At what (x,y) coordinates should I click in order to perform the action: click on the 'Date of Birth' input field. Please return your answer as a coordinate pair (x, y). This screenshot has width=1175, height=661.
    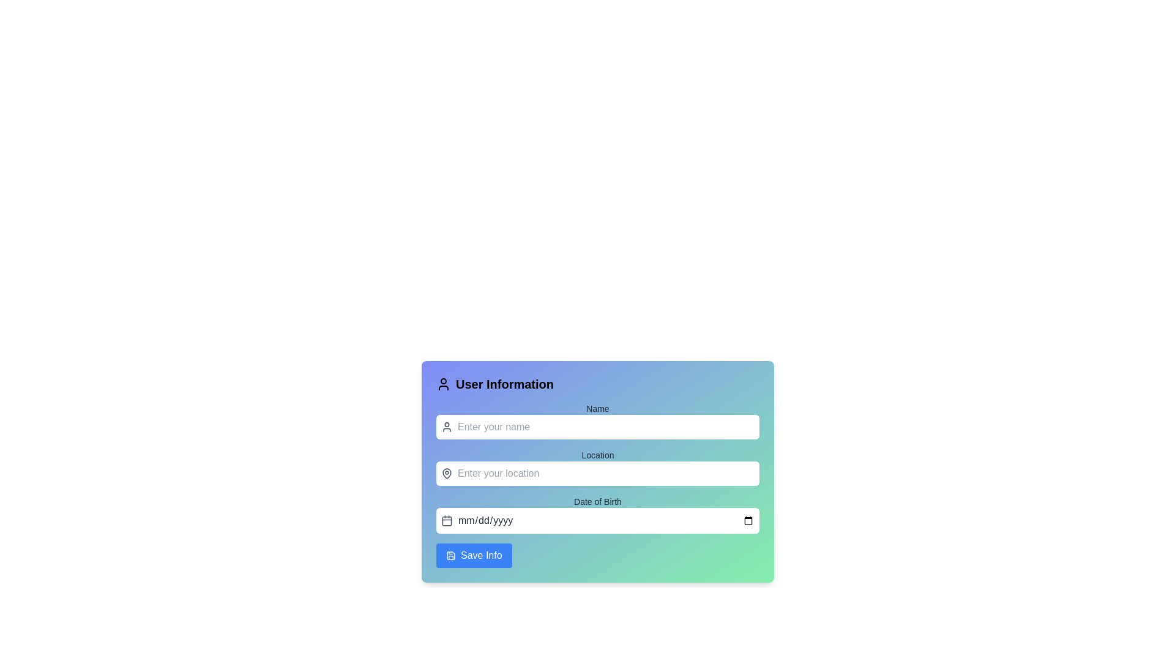
    Looking at the image, I should click on (598, 514).